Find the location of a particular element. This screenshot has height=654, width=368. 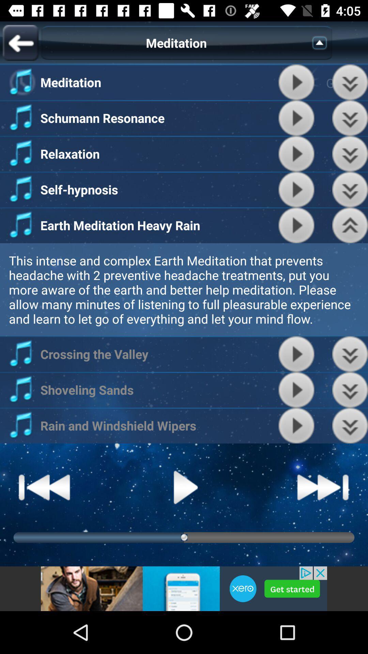

song is located at coordinates (296, 425).